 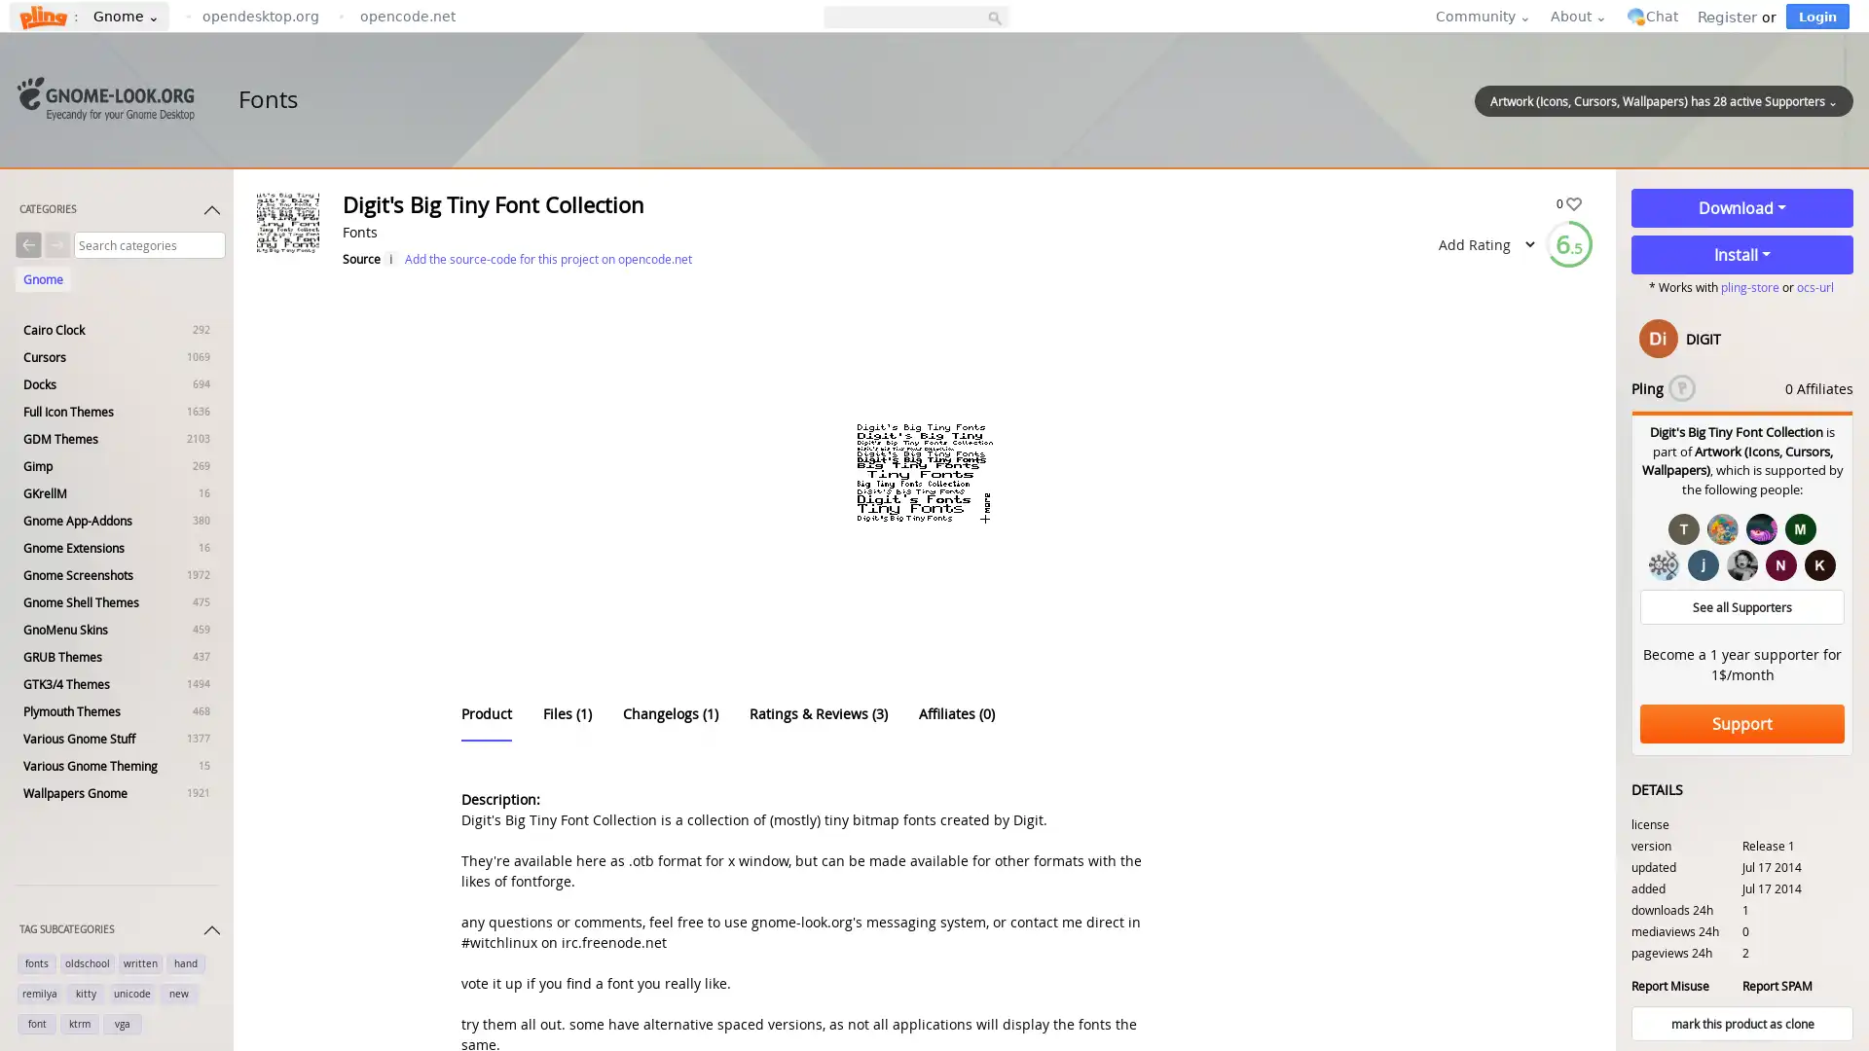 I want to click on CATEGORIES, so click(x=120, y=213).